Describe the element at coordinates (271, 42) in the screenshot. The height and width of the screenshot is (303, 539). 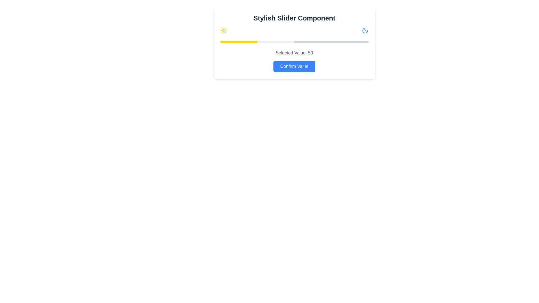
I see `the slider handle to set the value to 34` at that location.